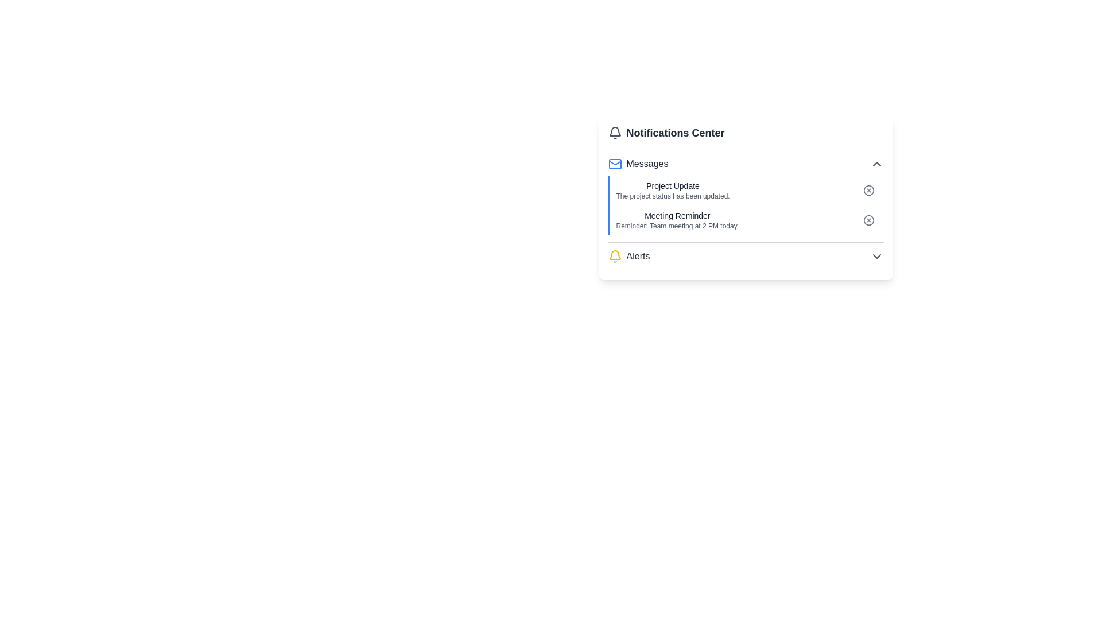 The height and width of the screenshot is (620, 1102). What do you see at coordinates (677, 215) in the screenshot?
I see `the Text Label in the 'Messages' section of the 'Notifications Center' panel, which is the second item below 'Project Update'` at bounding box center [677, 215].